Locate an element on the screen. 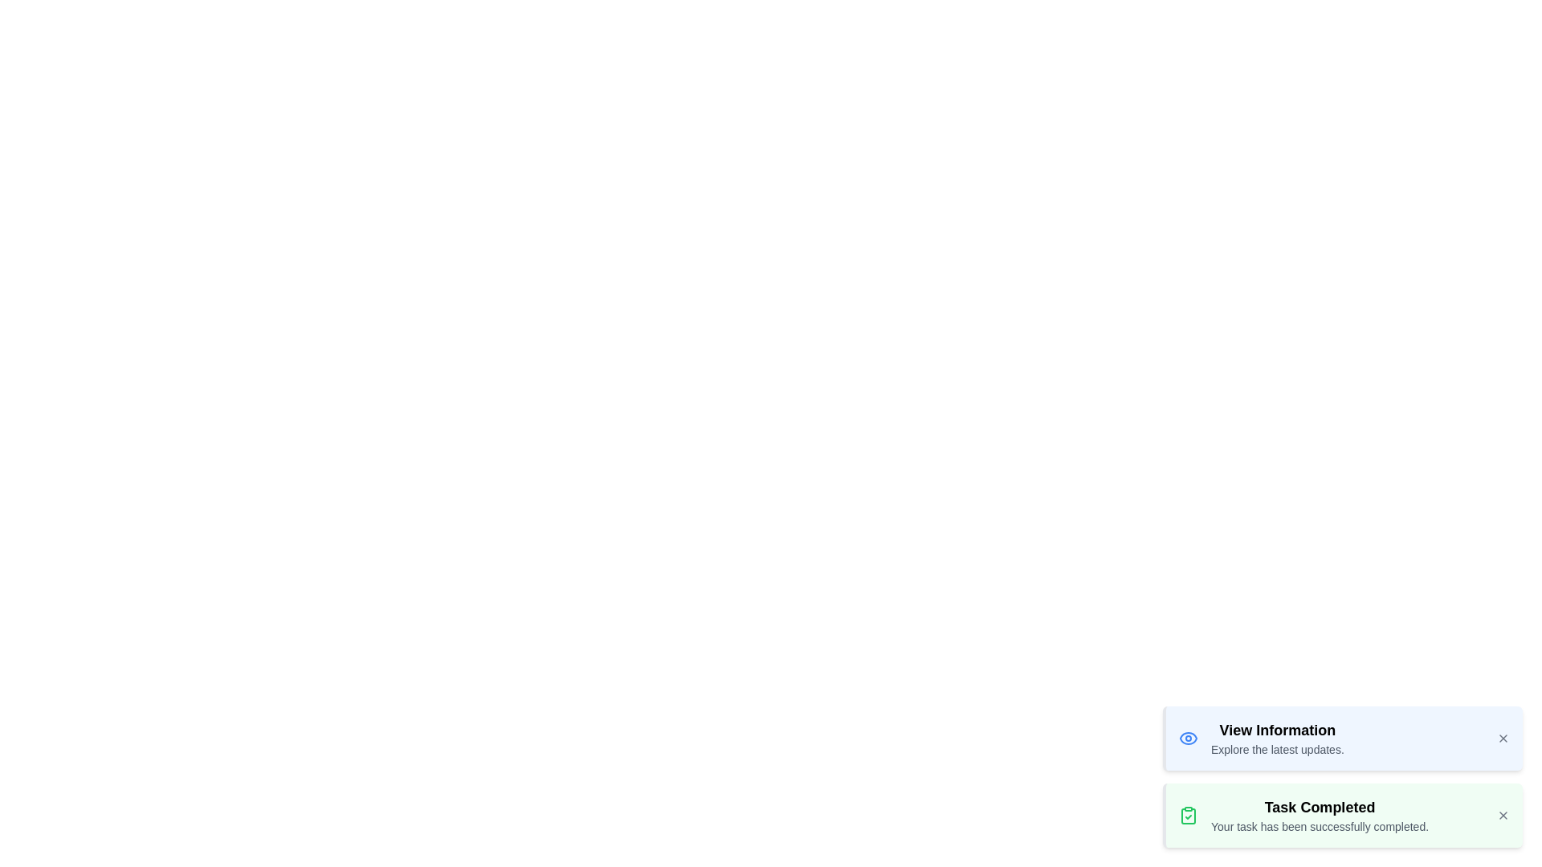 This screenshot has width=1542, height=867. the notification icon to visually interact with it is located at coordinates (1188, 739).